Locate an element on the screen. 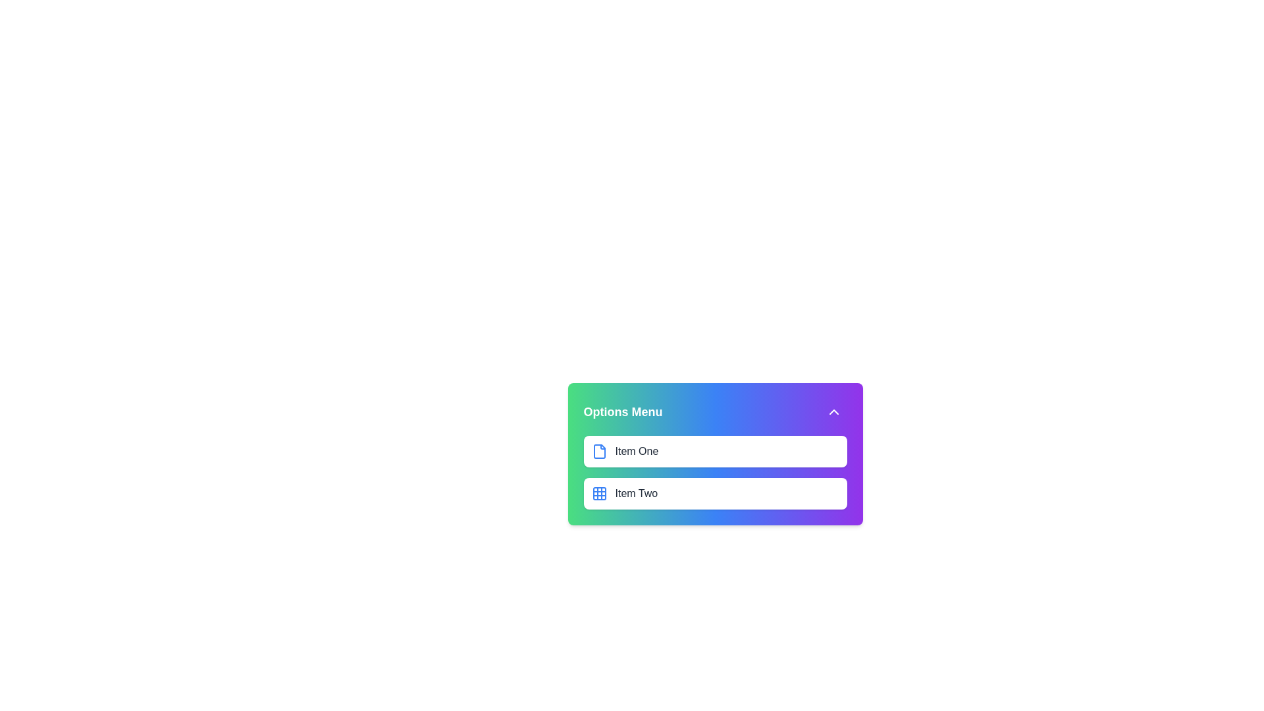 The image size is (1264, 711). the text label displaying 'Item One' is located at coordinates (637, 451).